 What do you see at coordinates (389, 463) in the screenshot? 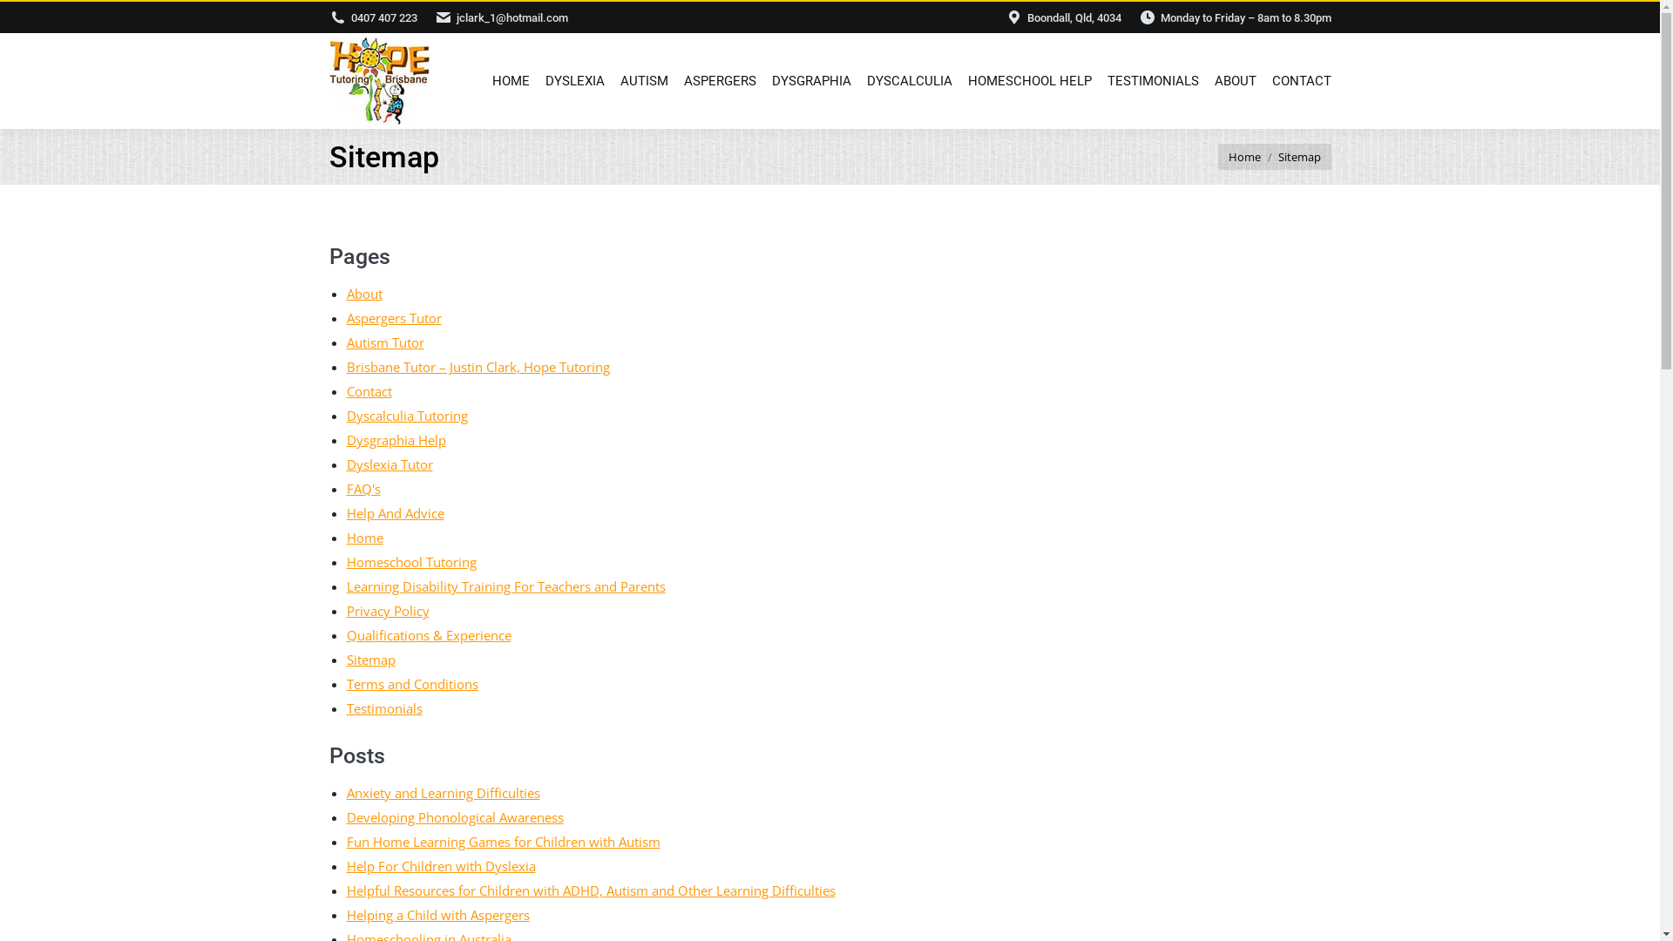
I see `'Dyslexia Tutor'` at bounding box center [389, 463].